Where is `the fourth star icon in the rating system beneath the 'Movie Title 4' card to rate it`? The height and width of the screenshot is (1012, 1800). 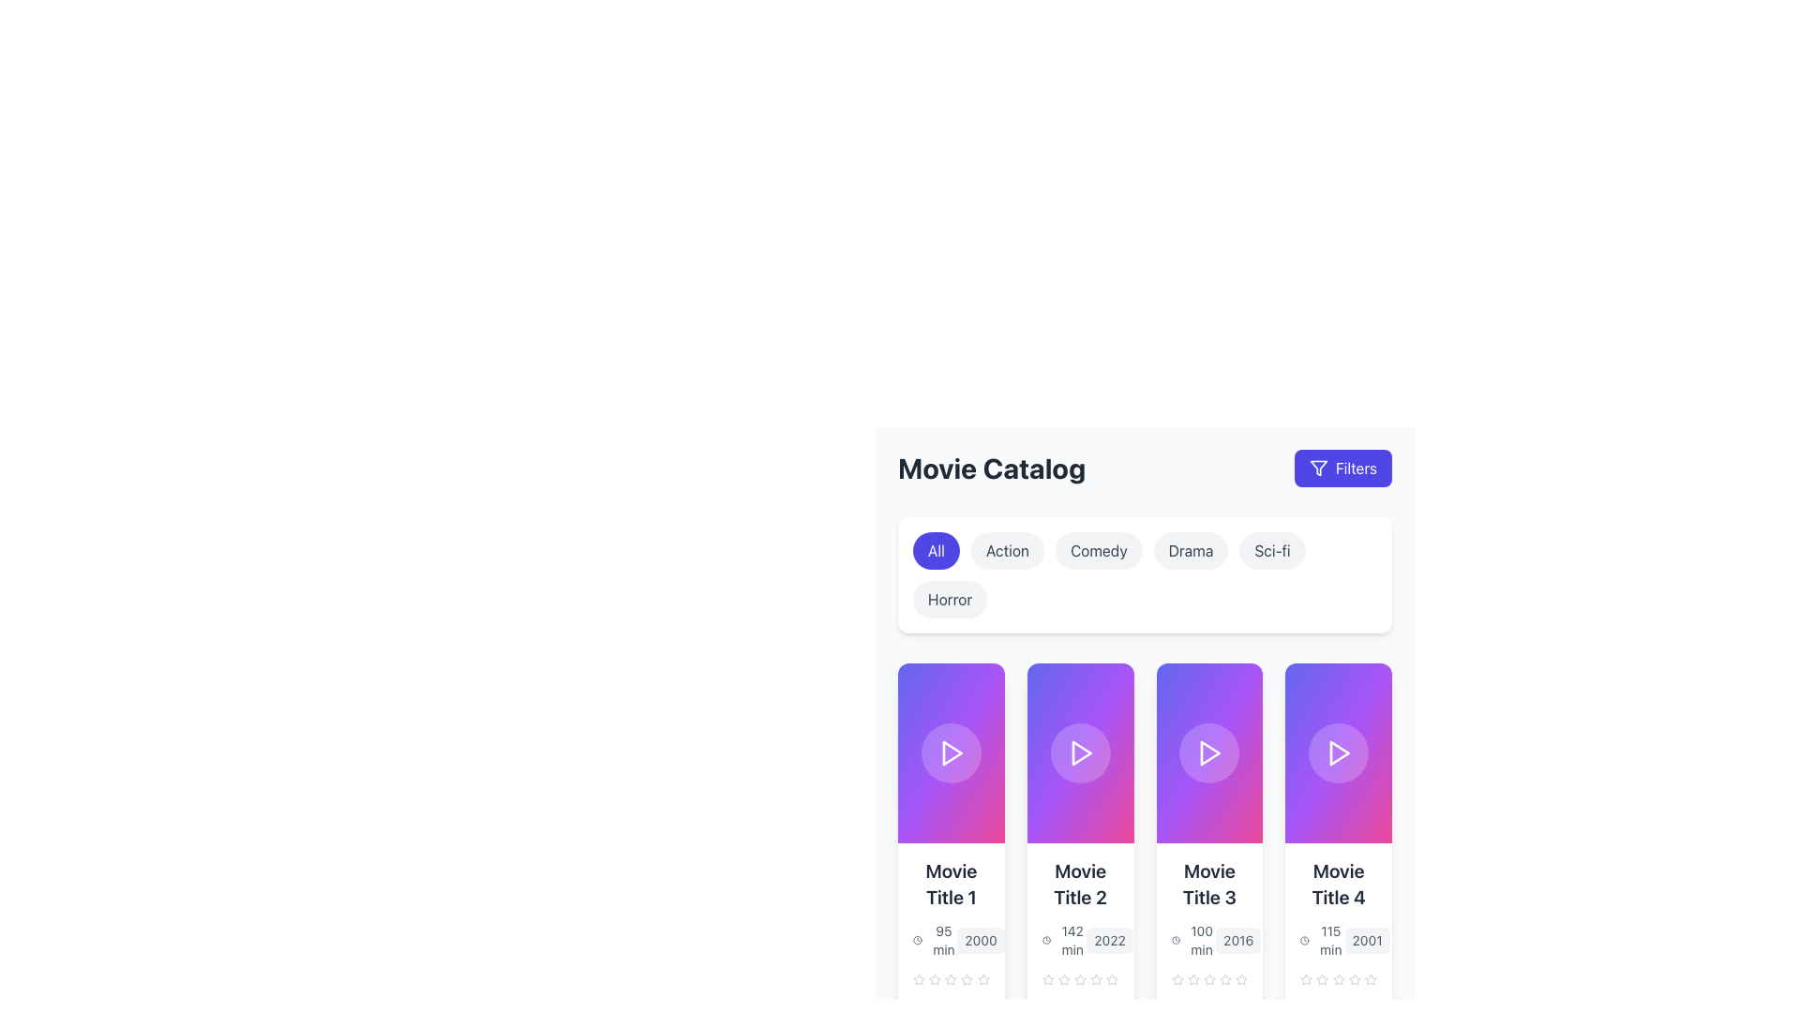
the fourth star icon in the rating system beneath the 'Movie Title 4' card to rate it is located at coordinates (1338, 978).